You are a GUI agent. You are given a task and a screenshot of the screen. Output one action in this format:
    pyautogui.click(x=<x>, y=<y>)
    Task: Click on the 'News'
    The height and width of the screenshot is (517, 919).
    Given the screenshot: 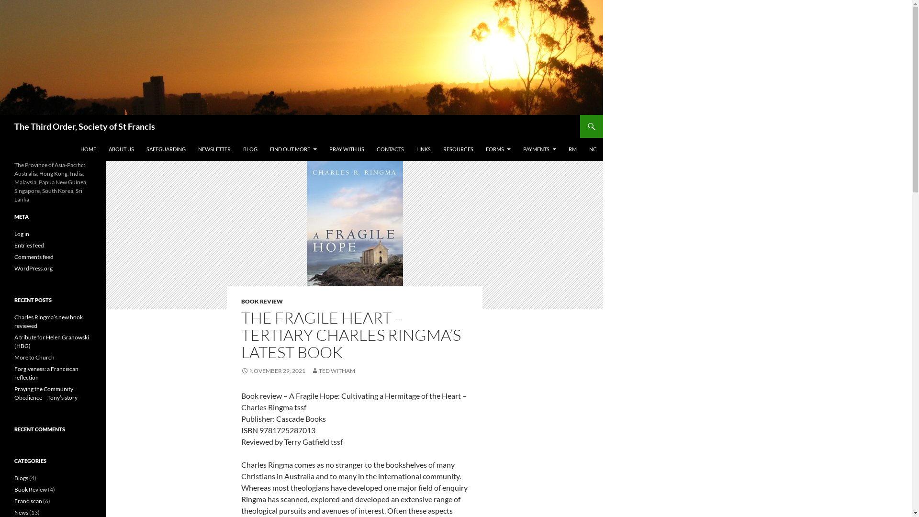 What is the action you would take?
    pyautogui.click(x=21, y=512)
    